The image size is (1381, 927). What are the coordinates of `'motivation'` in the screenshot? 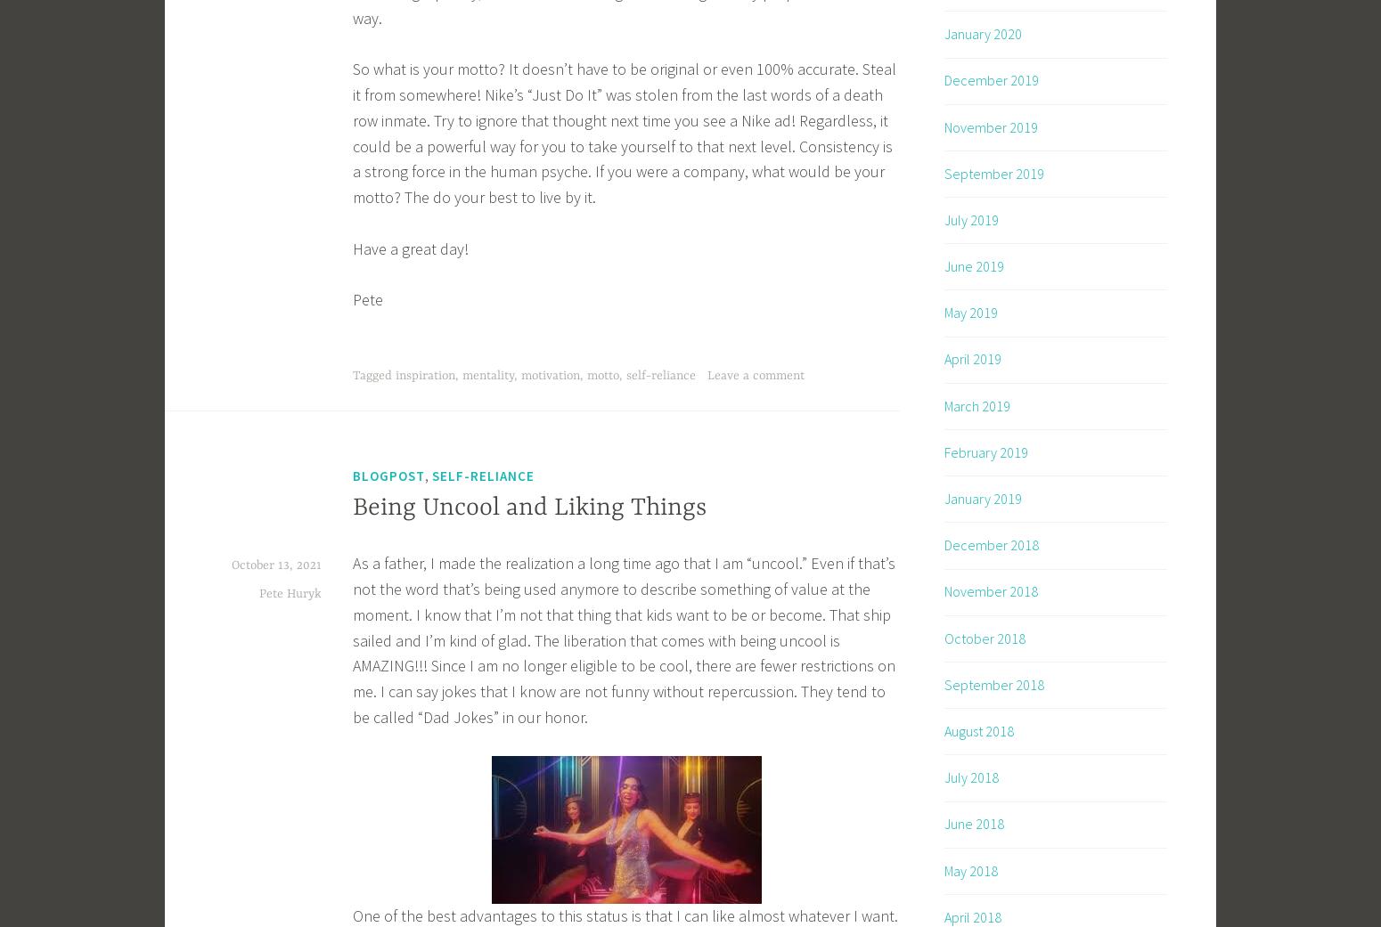 It's located at (550, 373).